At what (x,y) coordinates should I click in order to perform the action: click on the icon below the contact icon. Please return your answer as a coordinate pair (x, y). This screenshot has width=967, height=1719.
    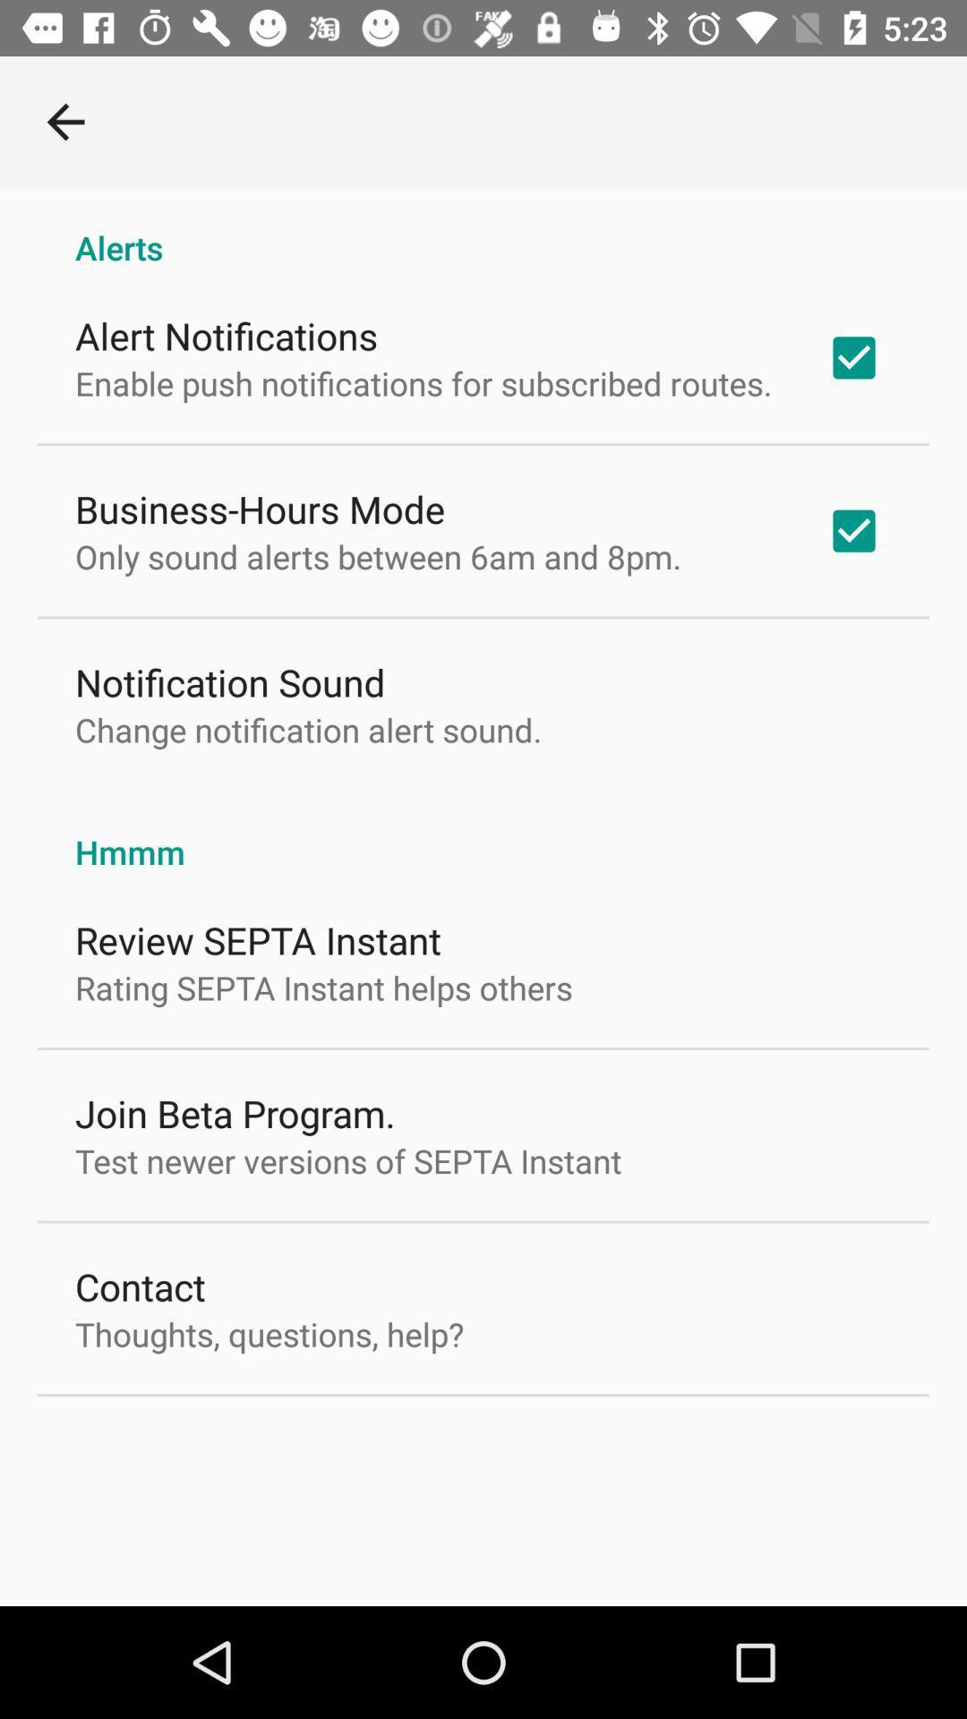
    Looking at the image, I should click on (270, 1334).